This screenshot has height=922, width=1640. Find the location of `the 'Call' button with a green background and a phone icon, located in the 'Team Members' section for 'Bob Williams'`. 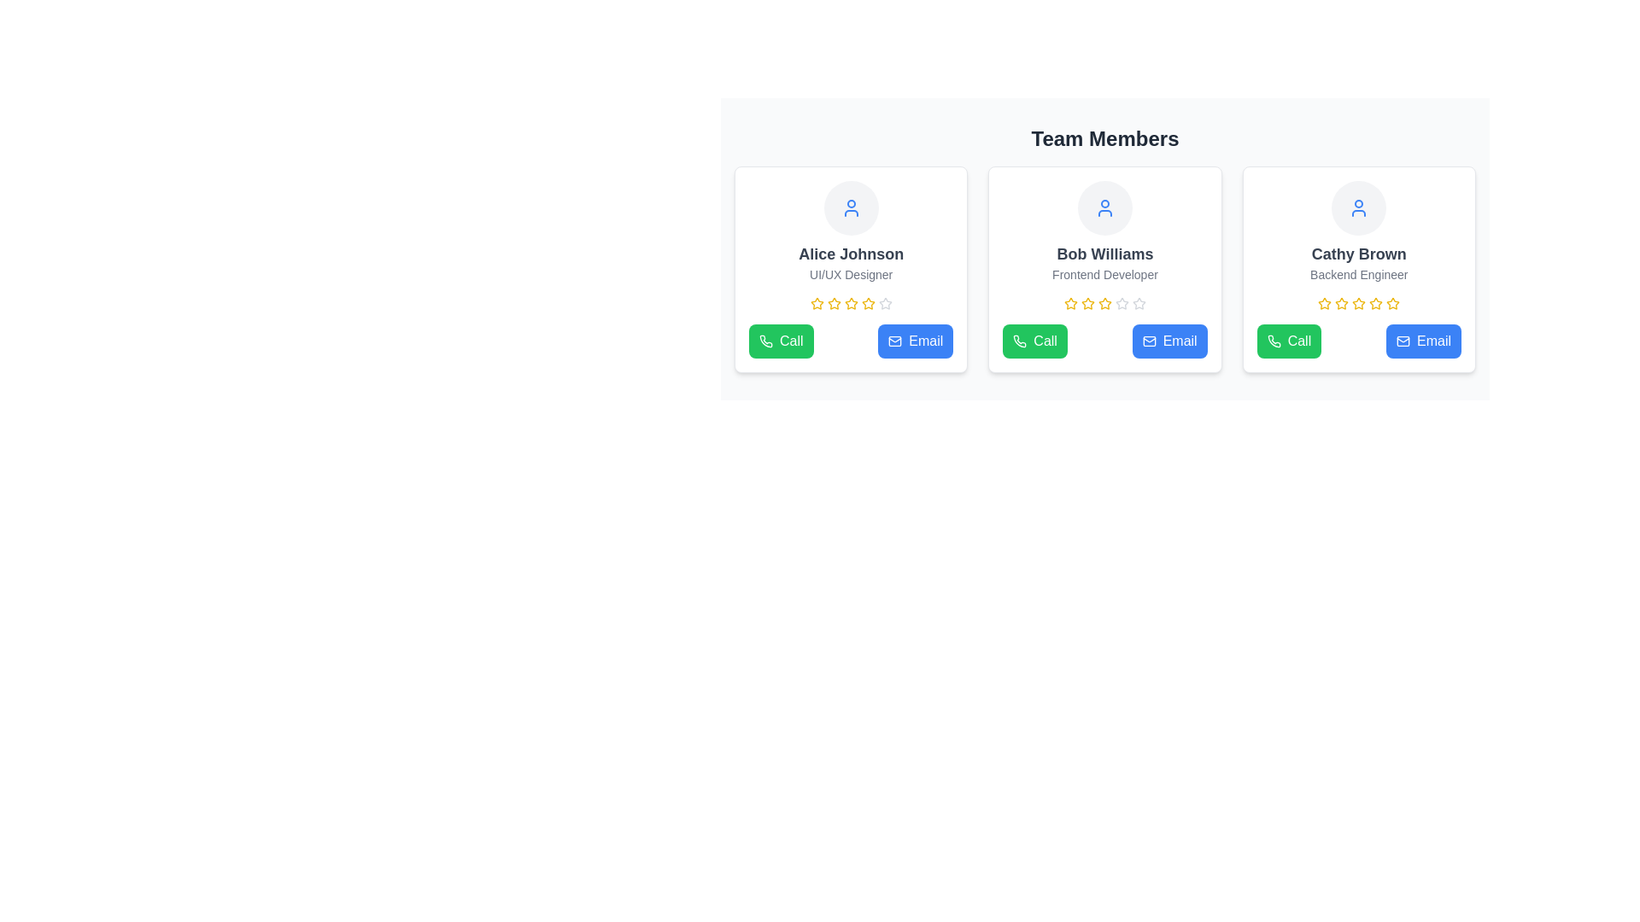

the 'Call' button with a green background and a phone icon, located in the 'Team Members' section for 'Bob Williams' is located at coordinates (1034, 341).